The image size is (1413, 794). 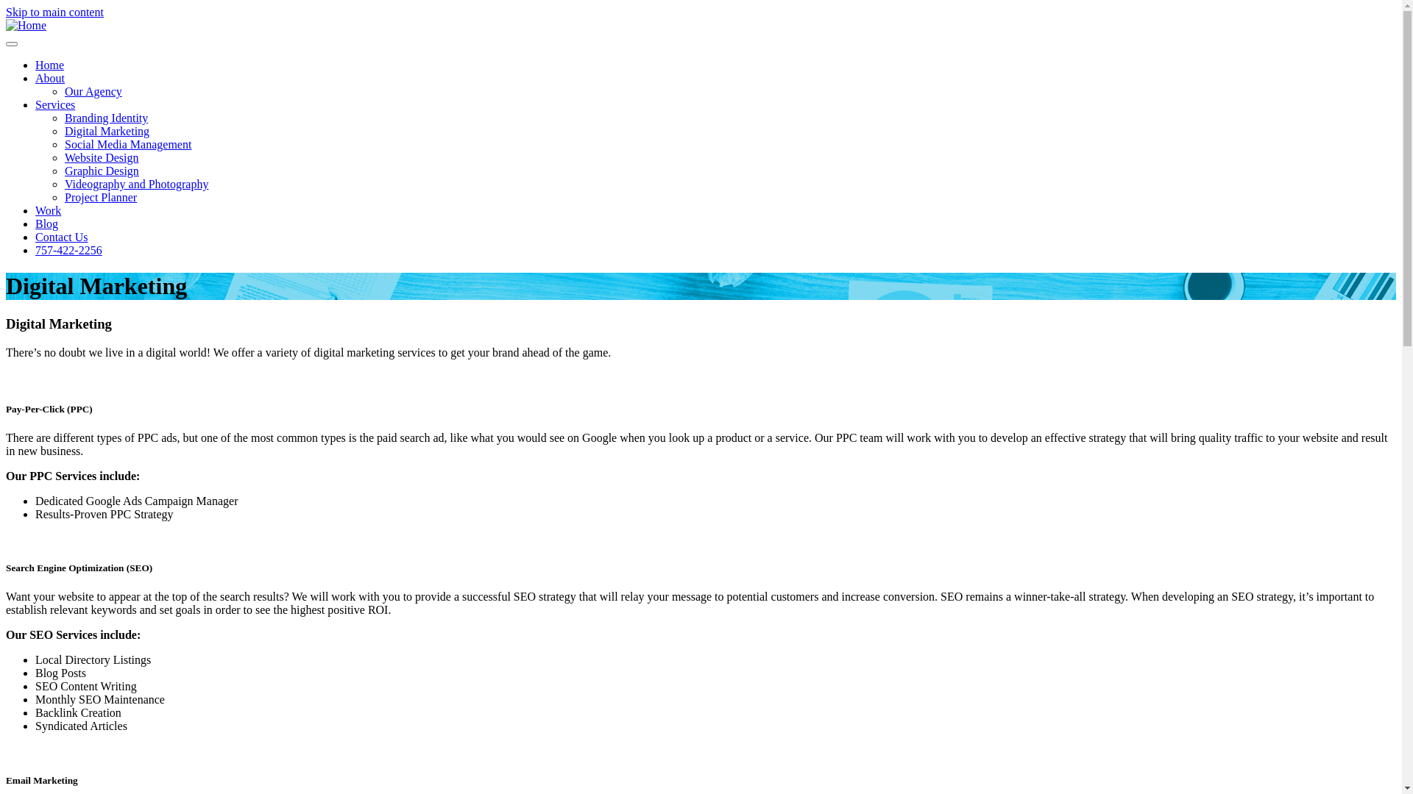 I want to click on 'Branding Identity', so click(x=105, y=117).